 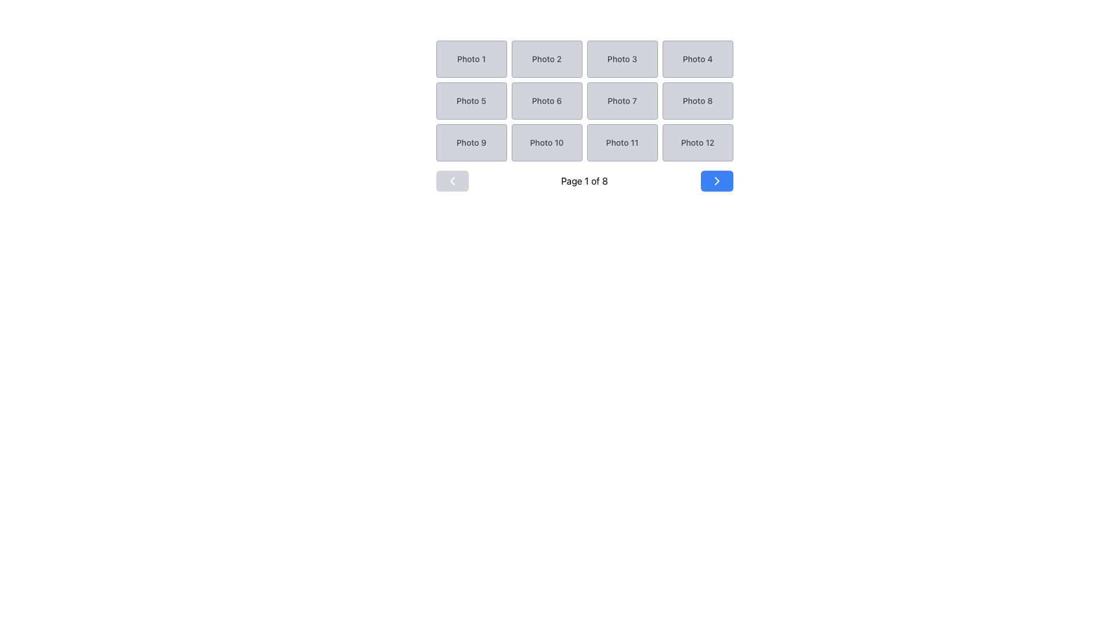 What do you see at coordinates (697, 100) in the screenshot?
I see `the 'Photo 8' button, which is located in the second row and fourth column of a grid layout, below 'Photo 4' and to the right of 'Photo 7'` at bounding box center [697, 100].